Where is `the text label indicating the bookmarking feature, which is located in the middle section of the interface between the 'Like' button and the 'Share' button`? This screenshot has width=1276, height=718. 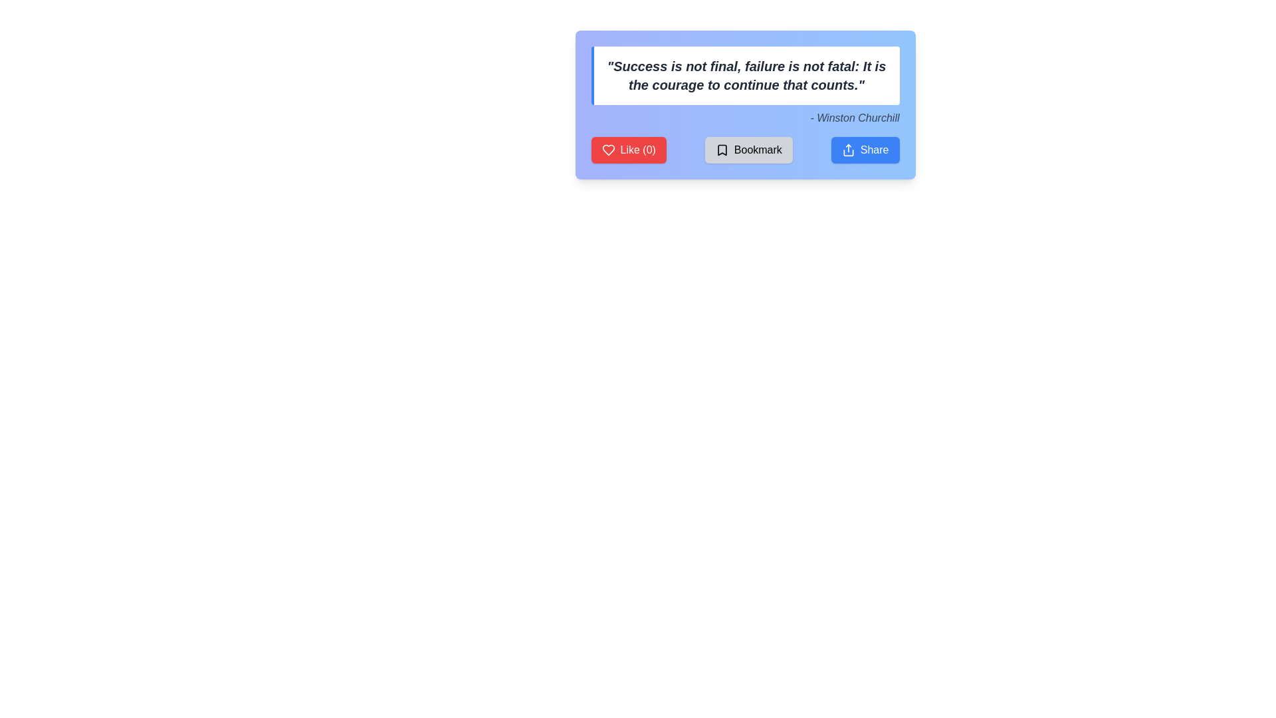
the text label indicating the bookmarking feature, which is located in the middle section of the interface between the 'Like' button and the 'Share' button is located at coordinates (758, 150).